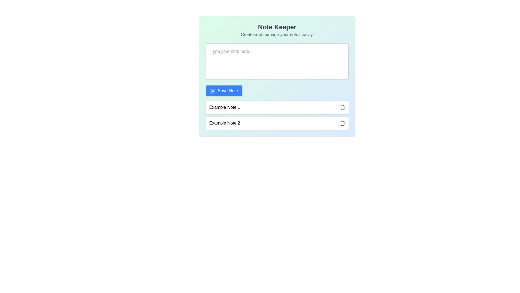 The width and height of the screenshot is (520, 293). I want to click on the text label displaying 'Example Note 2' which is in bold, black sans-serif font, located centrally below the 'Save Note' and 'Example Note 1' sections, so click(225, 123).